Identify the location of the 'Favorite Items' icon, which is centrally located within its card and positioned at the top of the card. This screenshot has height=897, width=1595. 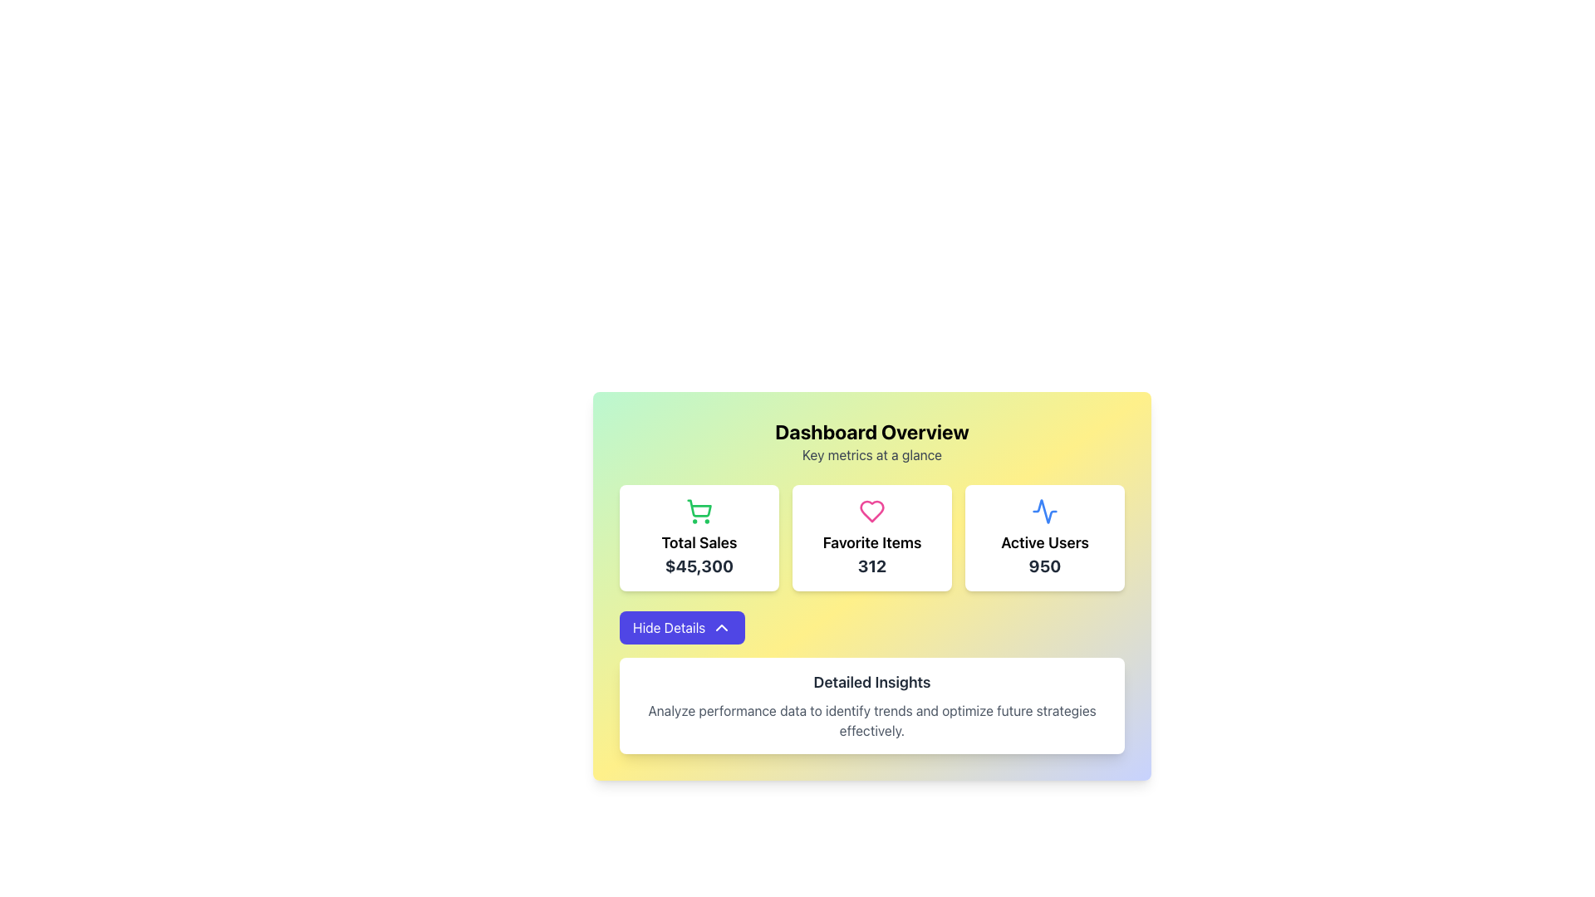
(871, 511).